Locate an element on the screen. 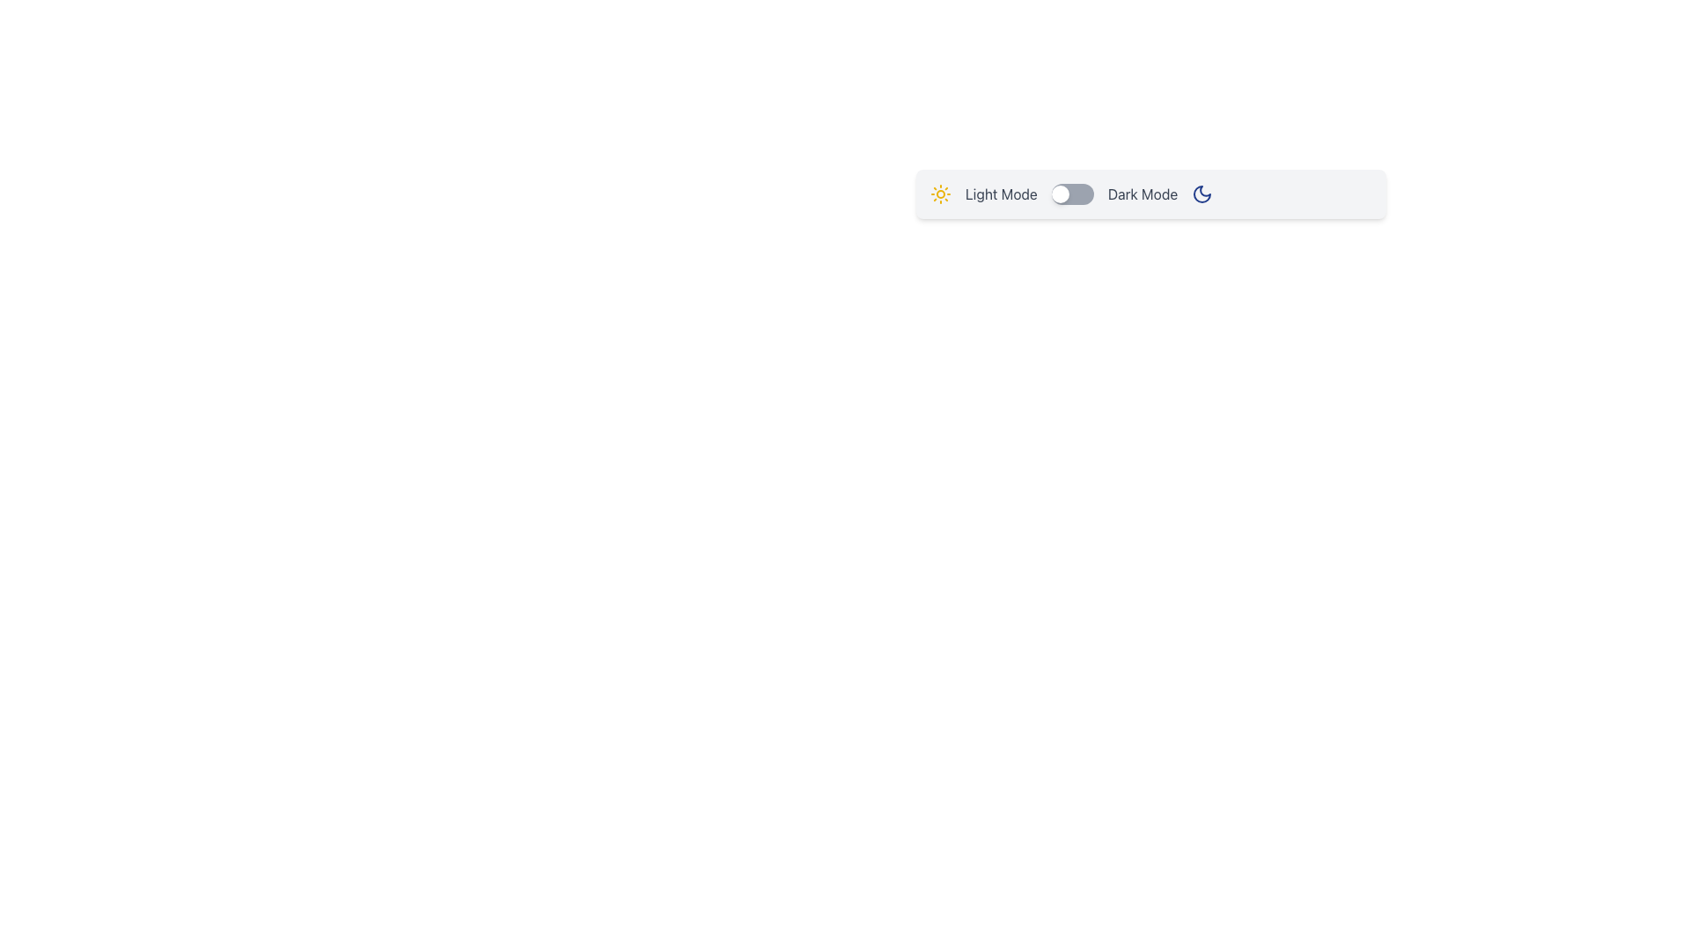 This screenshot has height=950, width=1690. the toggle switch located between the 'Light Mode' and 'Dark Mode' text to change themes from light to dark or vice versa is located at coordinates (1070, 194).